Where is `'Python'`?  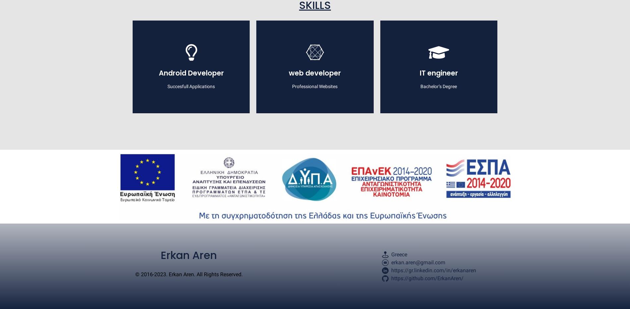 'Python' is located at coordinates (314, 173).